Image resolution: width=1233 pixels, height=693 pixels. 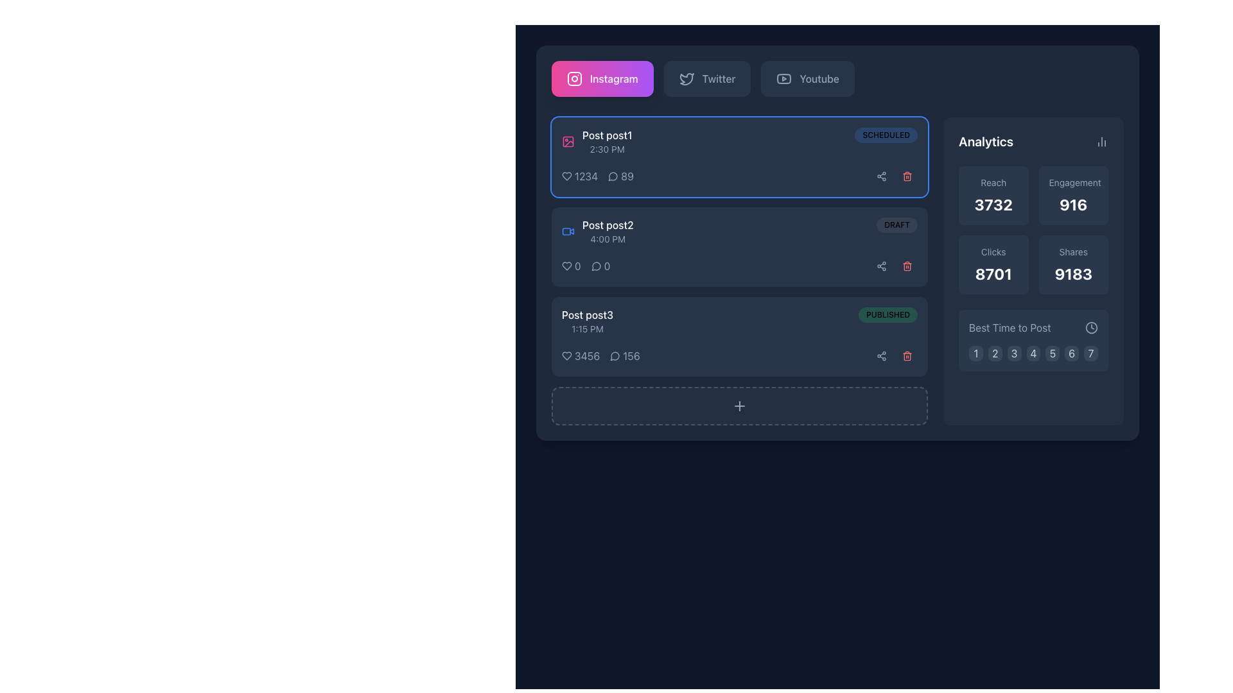 What do you see at coordinates (1073, 252) in the screenshot?
I see `the Text label that indicates the number of shares, positioned above the metric value '9183' in the analytics section of the interface` at bounding box center [1073, 252].